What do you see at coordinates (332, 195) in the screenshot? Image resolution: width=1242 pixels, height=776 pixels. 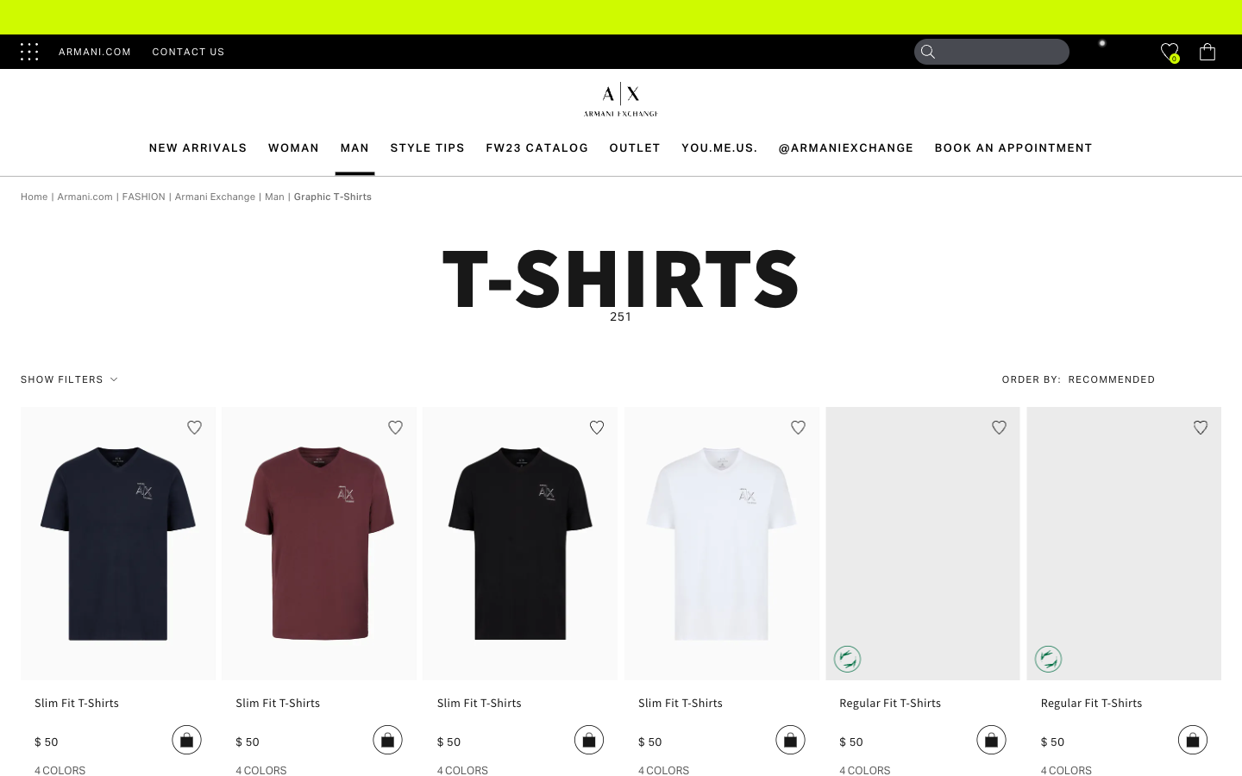 I see `the Graphic T-shirts category from the provided options` at bounding box center [332, 195].